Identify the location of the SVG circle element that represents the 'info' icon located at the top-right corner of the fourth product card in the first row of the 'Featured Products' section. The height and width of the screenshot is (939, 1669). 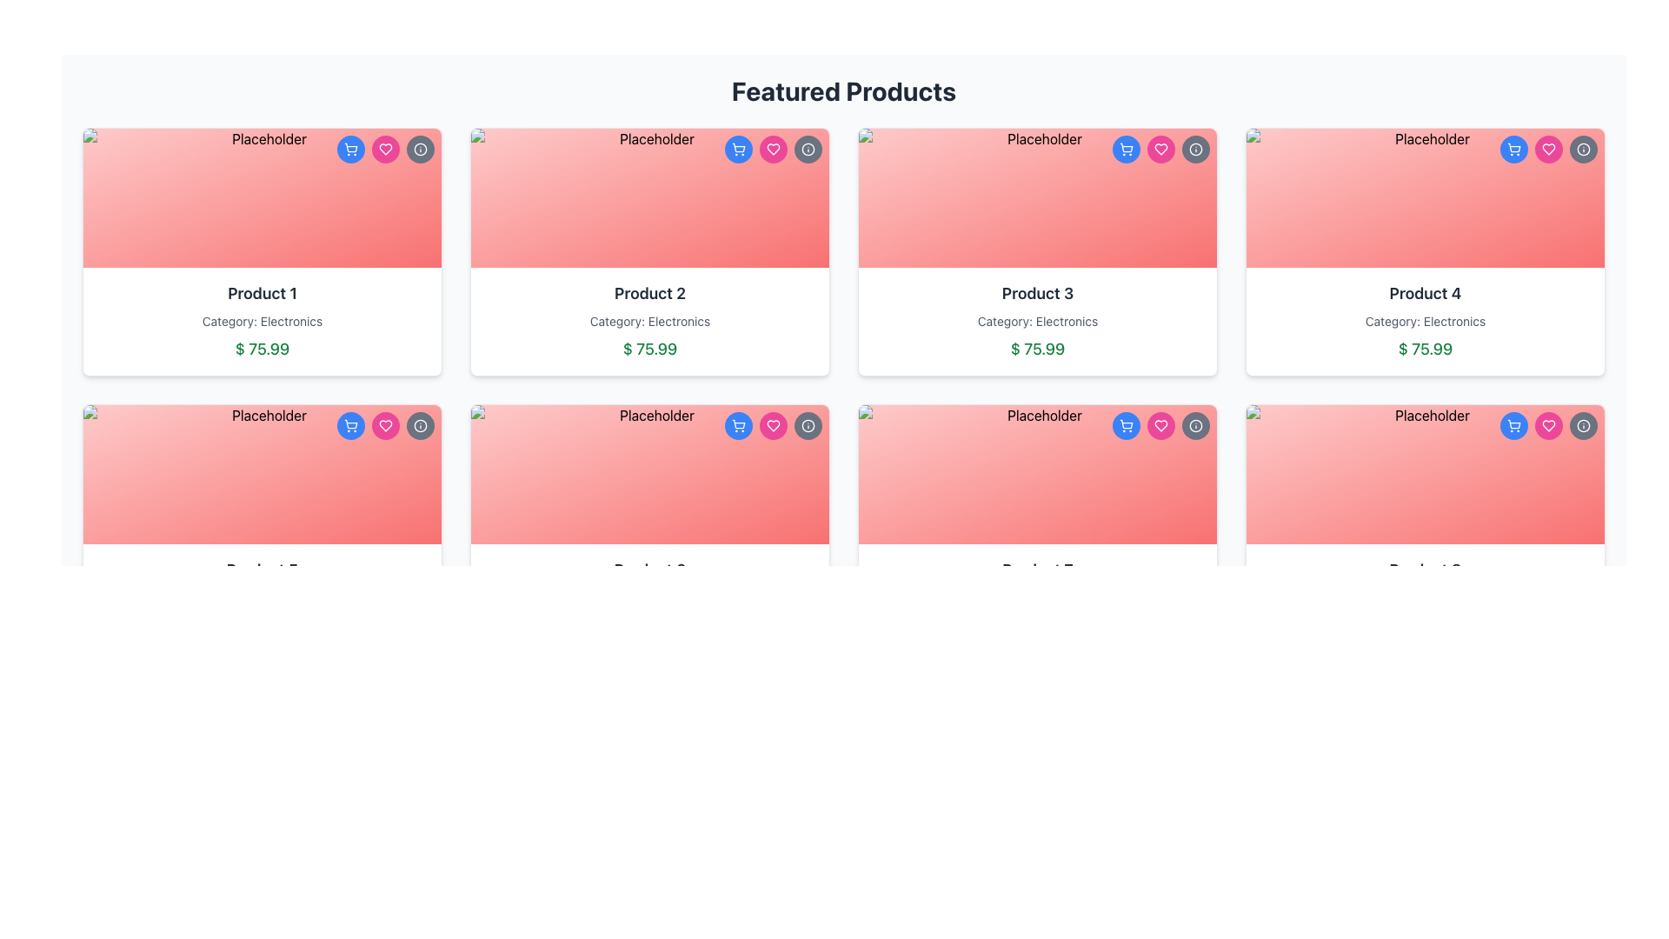
(1584, 149).